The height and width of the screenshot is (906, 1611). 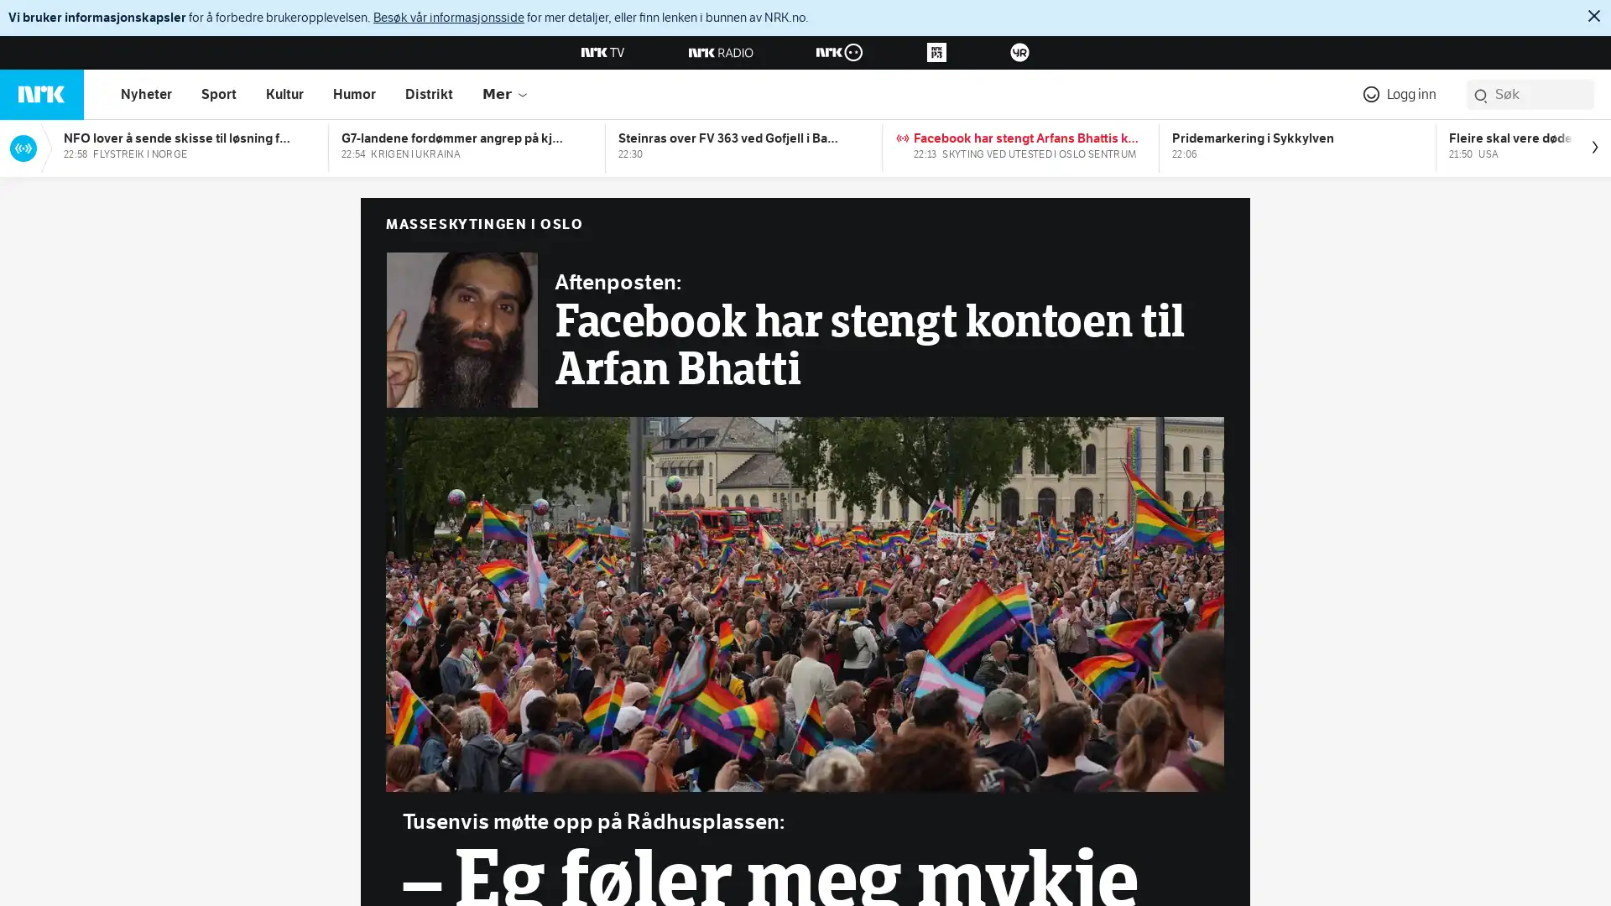 What do you see at coordinates (467, 144) in the screenshot?
I see `G7-landene fordmmer angrep pa kjpesenter PUBLISERT KLOKKEN 22:54 I KRIGEN I UKRAINA` at bounding box center [467, 144].